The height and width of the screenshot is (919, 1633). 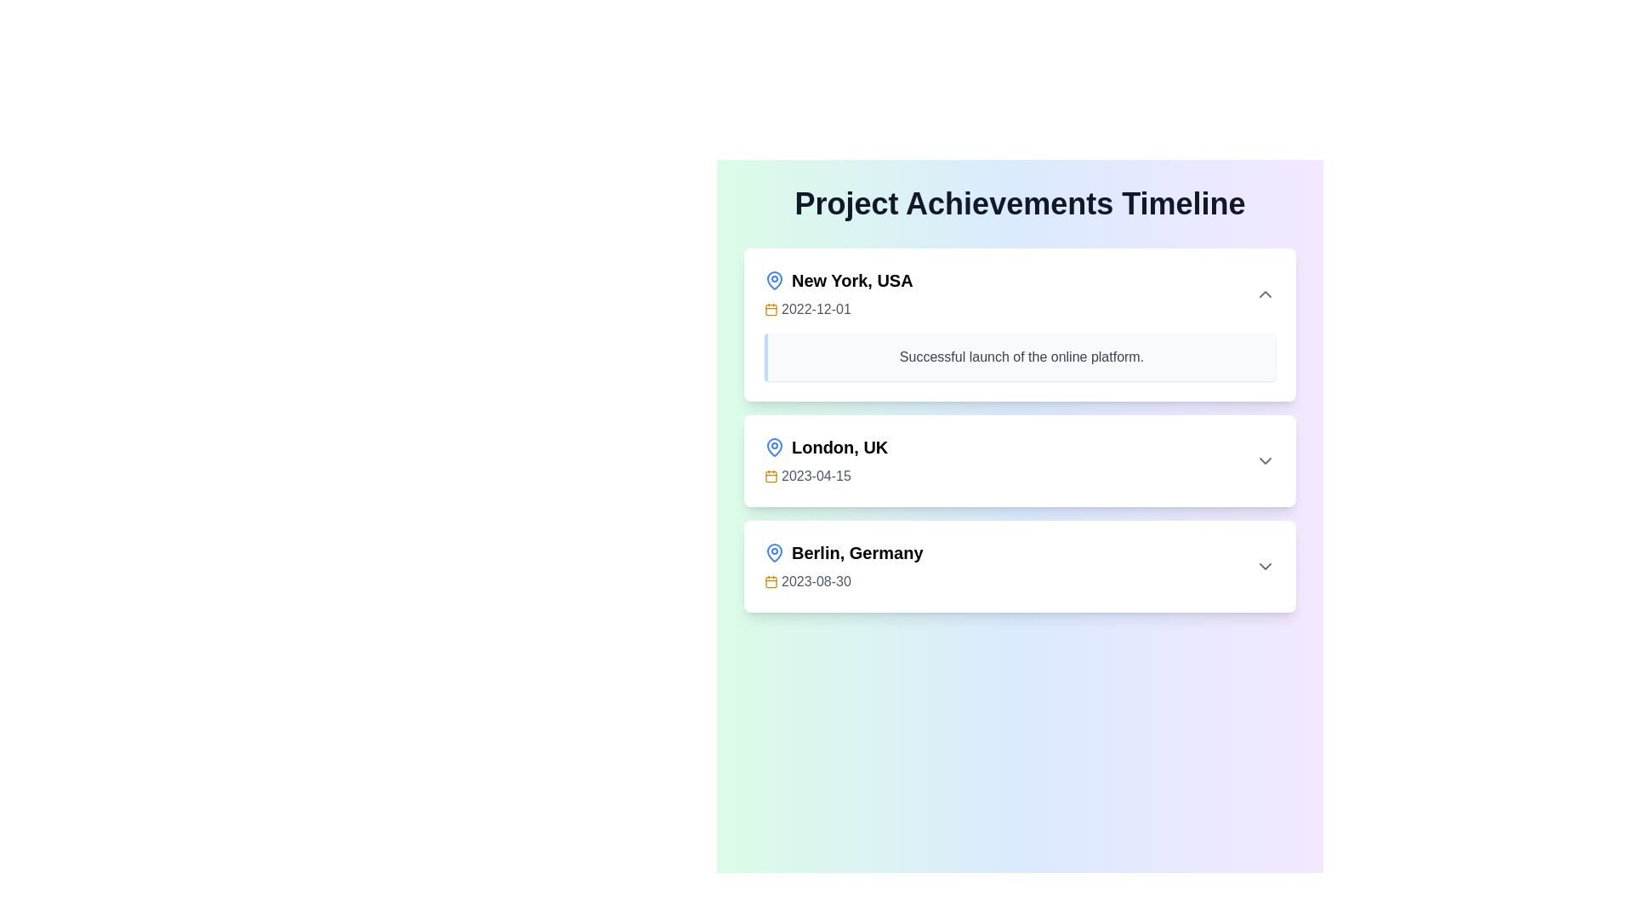 What do you see at coordinates (1020, 567) in the screenshot?
I see `information contained in the textual content box displaying 'Berlin, Germany 2023-08-30', which is the third entry in a vertical list of event items` at bounding box center [1020, 567].